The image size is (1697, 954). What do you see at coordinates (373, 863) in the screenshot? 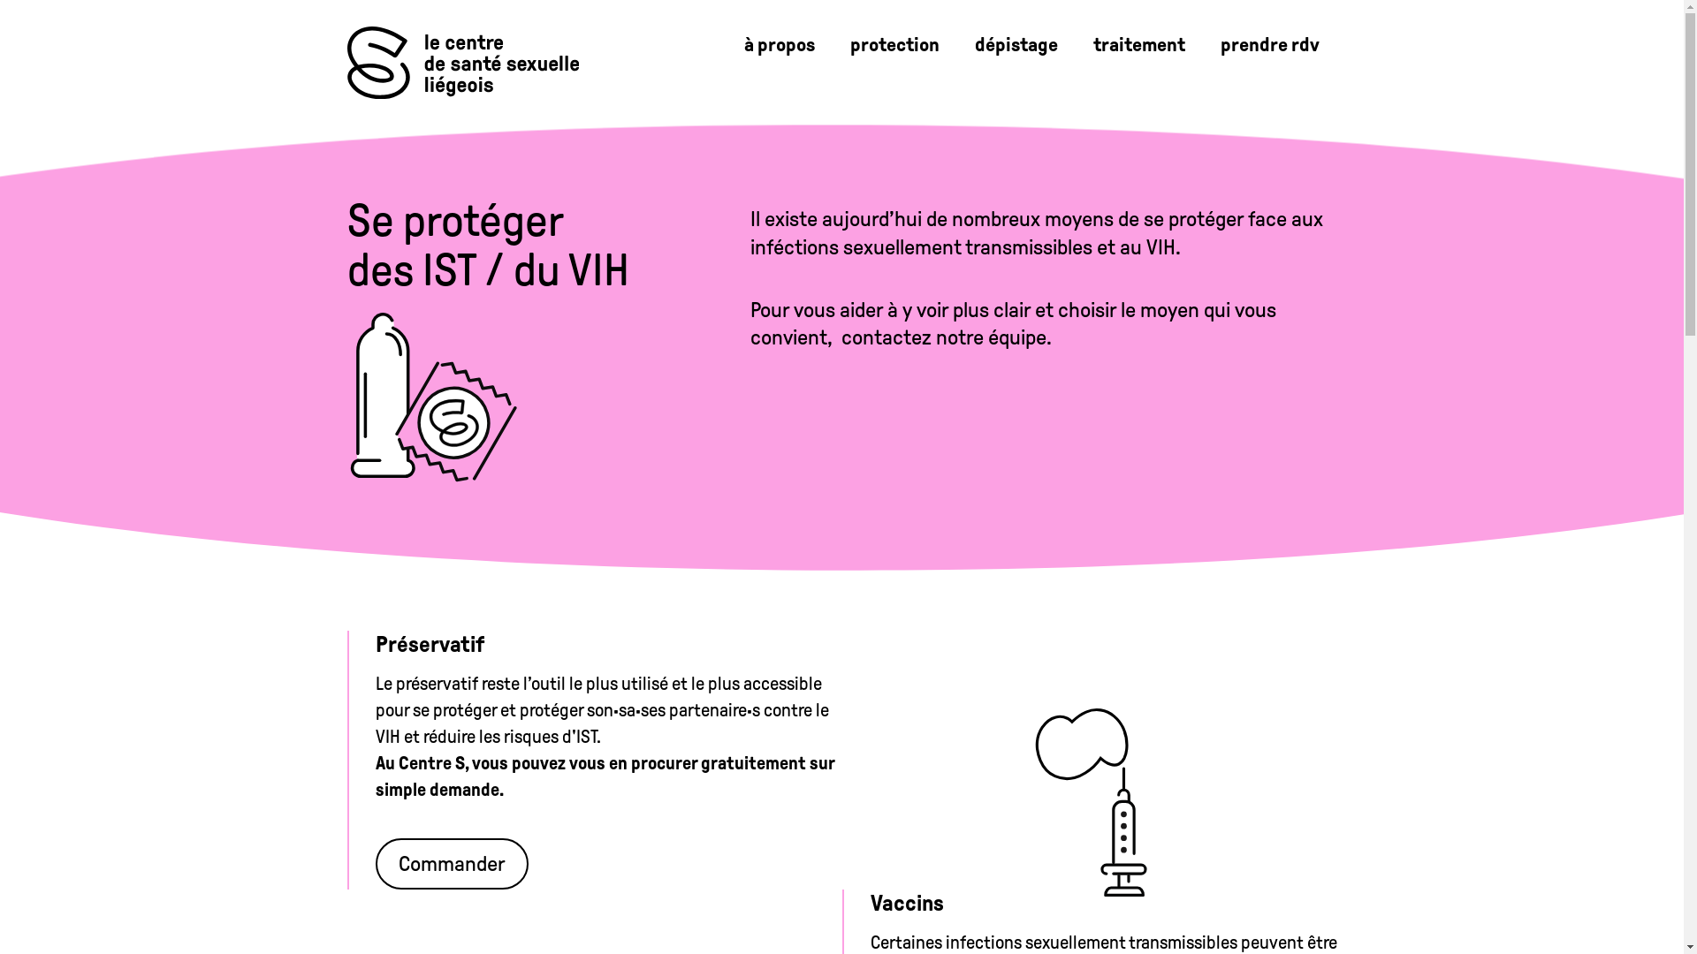
I see `'Commander'` at bounding box center [373, 863].